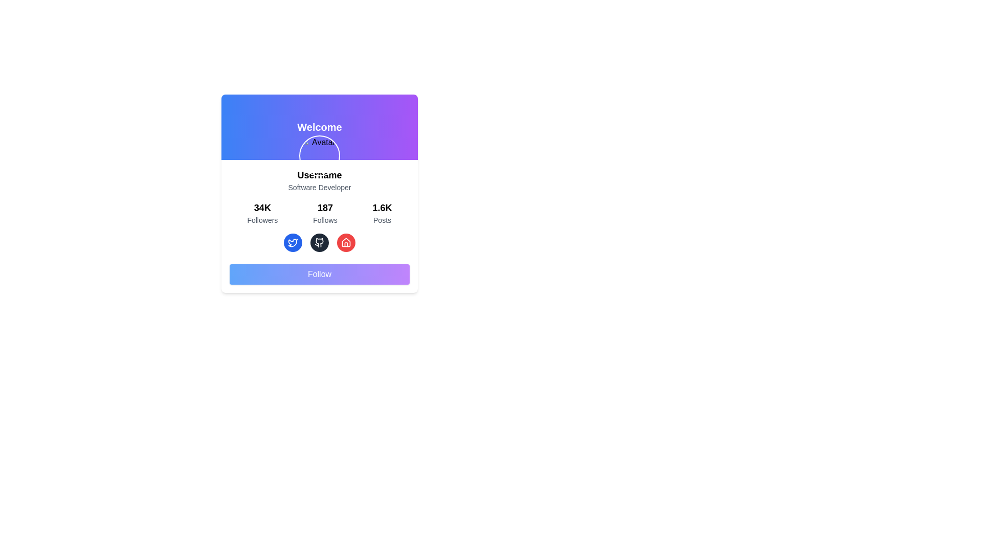  Describe the element at coordinates (262, 220) in the screenshot. I see `the label indicating the number of followers, located under the text '34K' in the Followers section of the profile statistics panel` at that location.